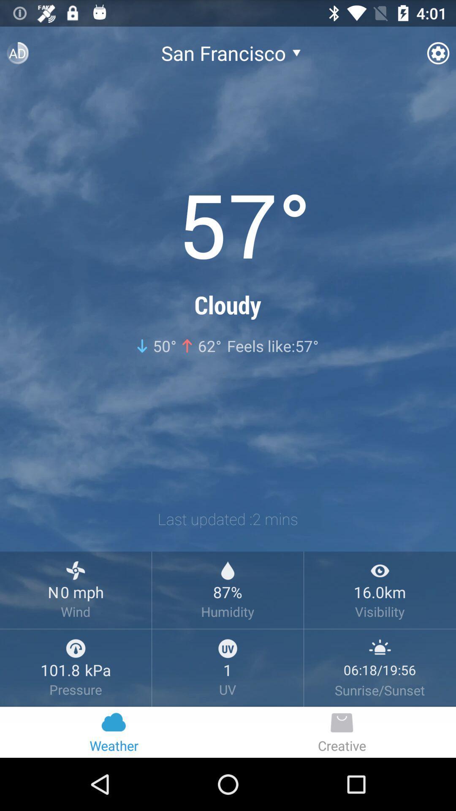 The image size is (456, 811). Describe the element at coordinates (431, 51) in the screenshot. I see `the settings icon` at that location.